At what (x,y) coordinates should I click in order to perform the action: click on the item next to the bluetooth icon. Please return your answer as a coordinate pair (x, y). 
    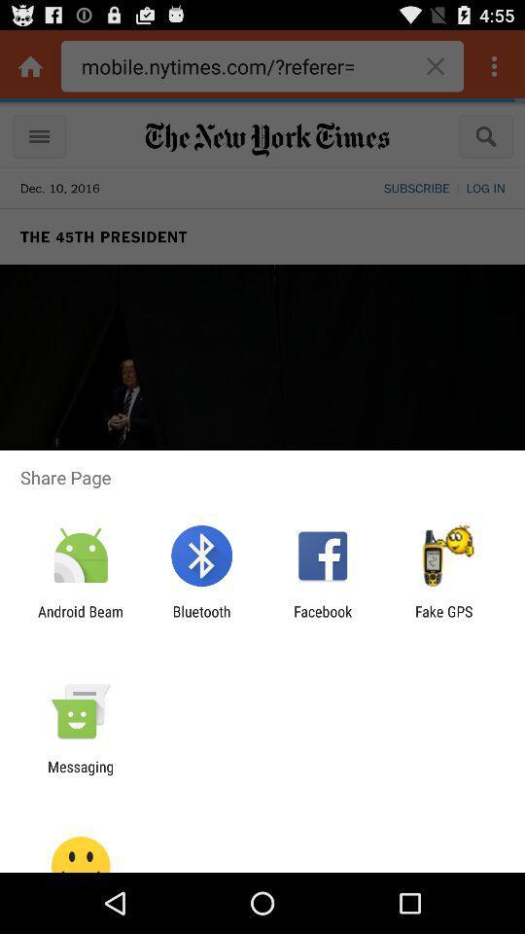
    Looking at the image, I should click on (80, 619).